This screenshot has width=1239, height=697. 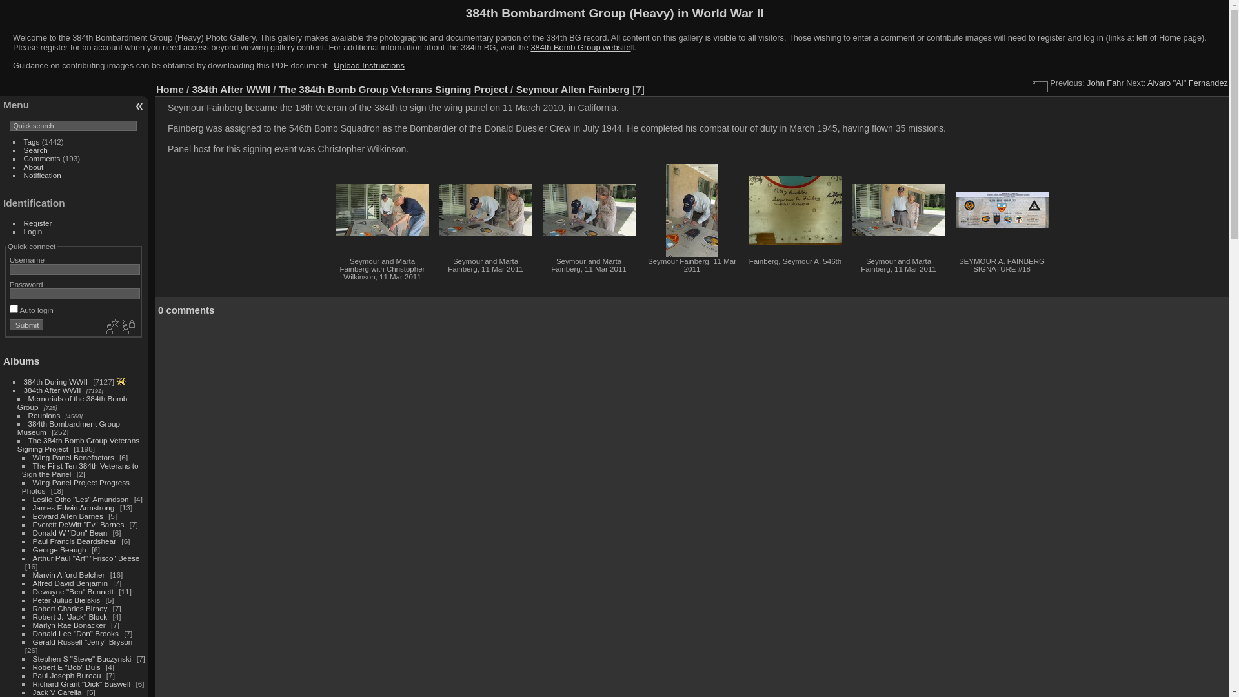 I want to click on 'Wing Panel Project Progress Photos', so click(x=75, y=486).